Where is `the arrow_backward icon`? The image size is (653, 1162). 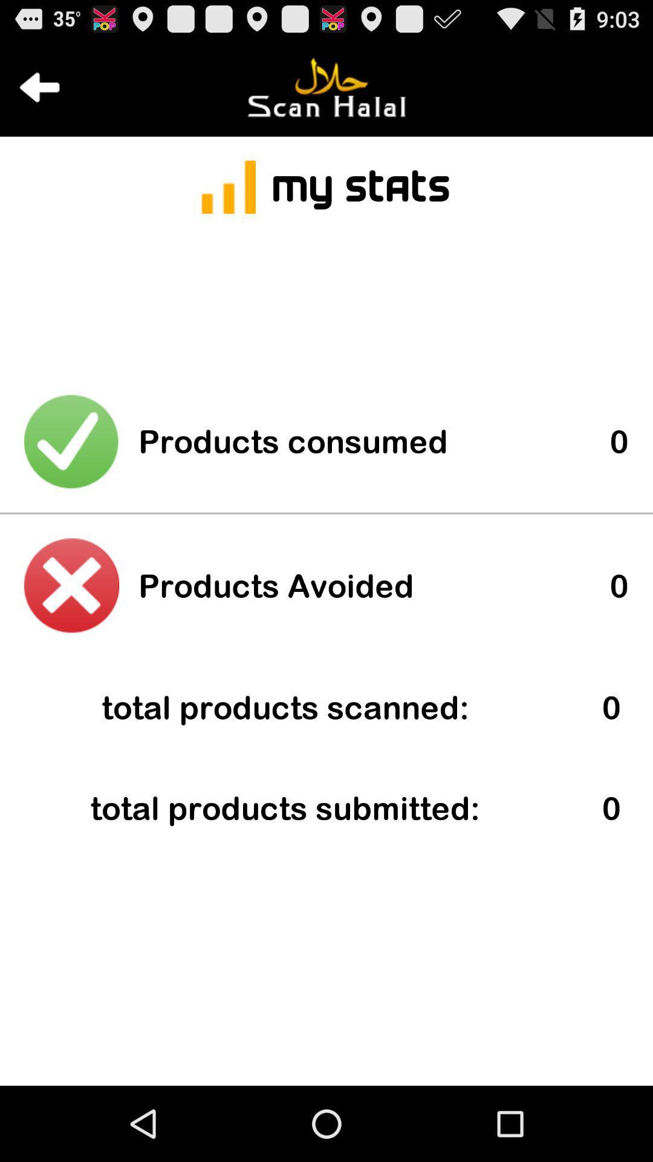 the arrow_backward icon is located at coordinates (39, 93).